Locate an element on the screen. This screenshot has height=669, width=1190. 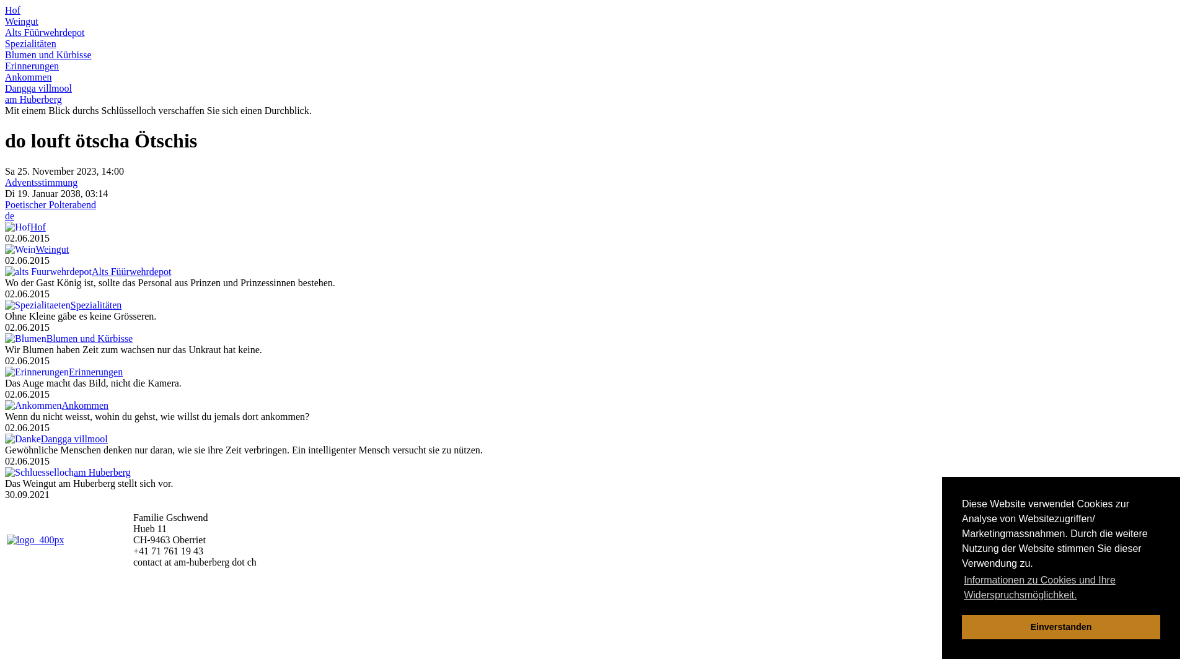
'Schluesselloch' is located at coordinates (39, 473).